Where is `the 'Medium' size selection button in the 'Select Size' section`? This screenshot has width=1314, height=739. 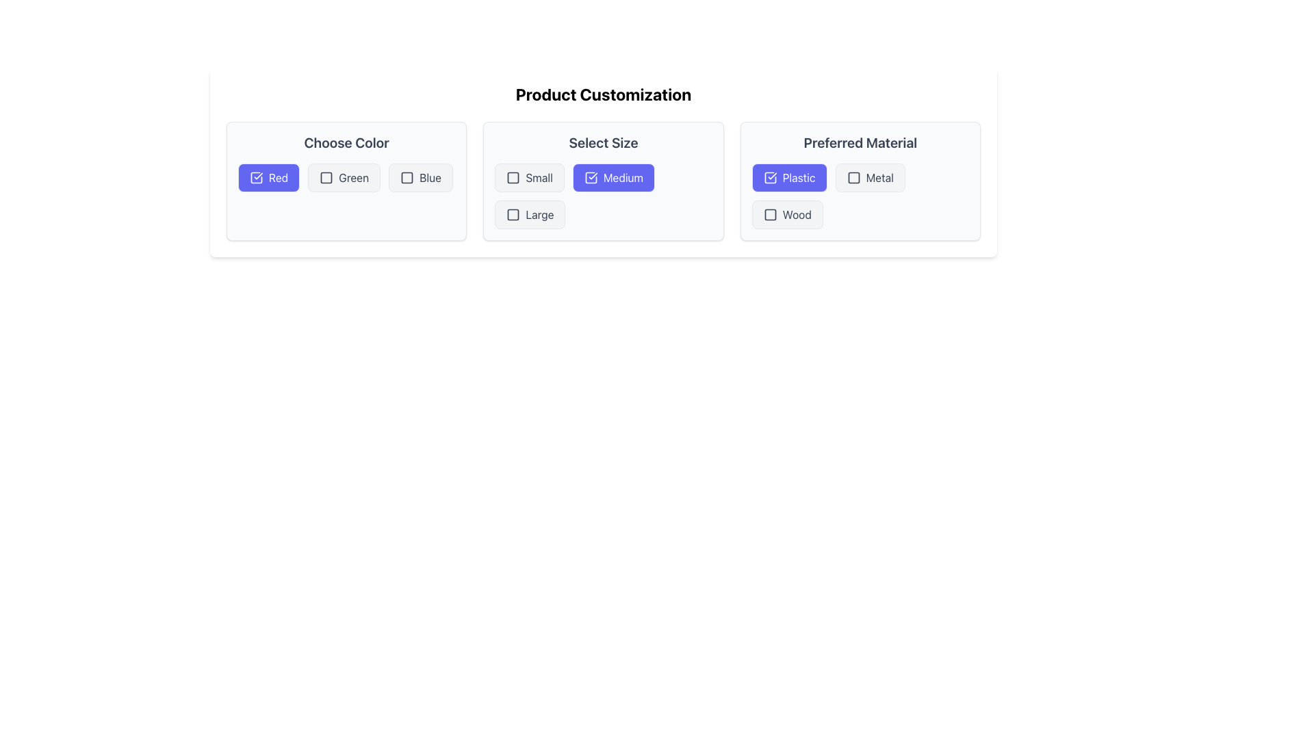 the 'Medium' size selection button in the 'Select Size' section is located at coordinates (613, 177).